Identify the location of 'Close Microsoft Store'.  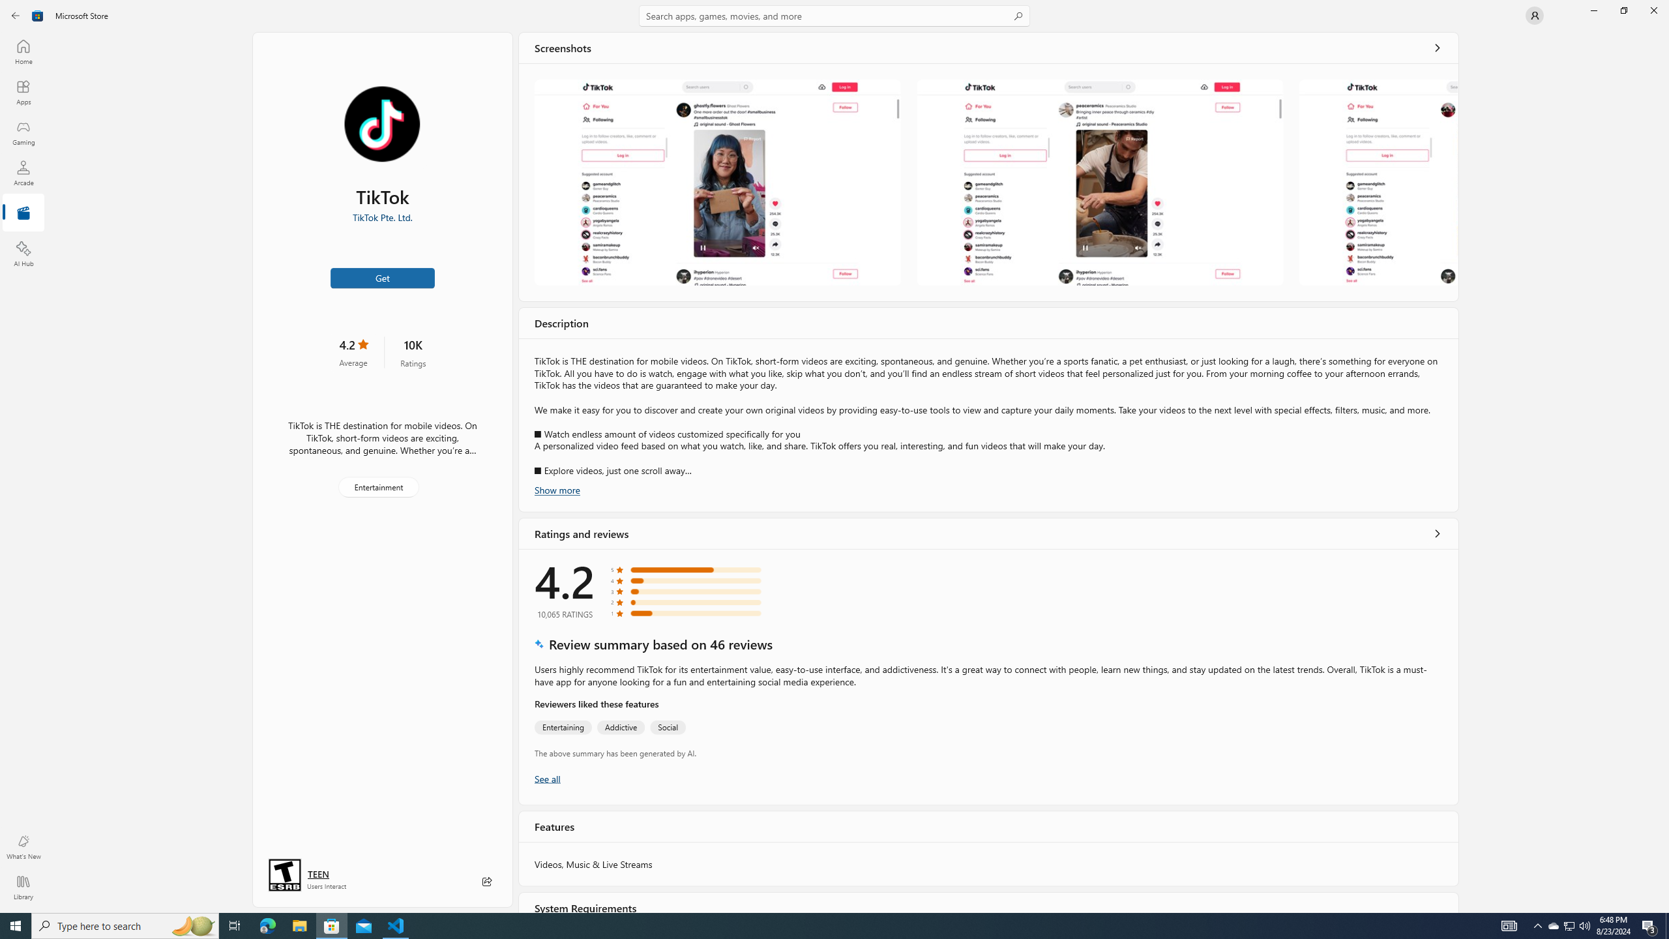
(1653, 10).